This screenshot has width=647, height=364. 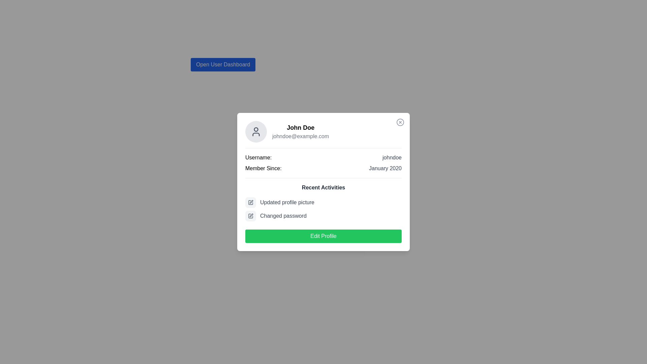 What do you see at coordinates (250, 216) in the screenshot?
I see `the icon button indicating the 'Changed password' action, which is positioned to the left of the text 'Changed password' in the 'Recent Activities' section` at bounding box center [250, 216].